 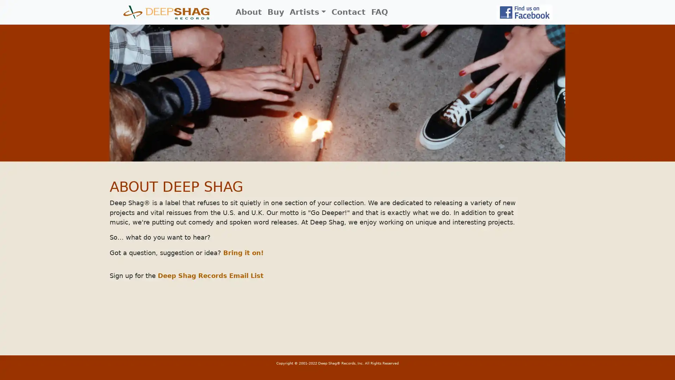 What do you see at coordinates (307, 12) in the screenshot?
I see `Artists` at bounding box center [307, 12].